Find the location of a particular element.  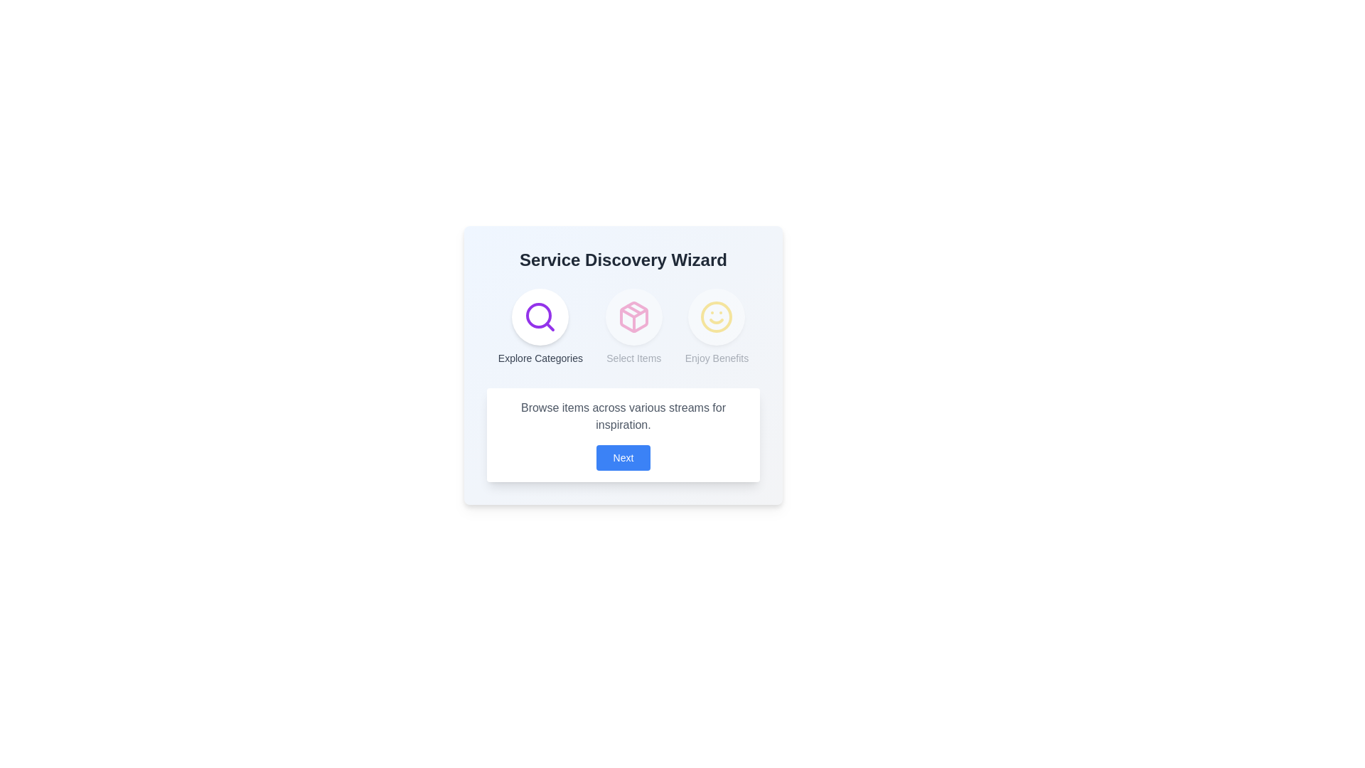

the step icon for Select Items is located at coordinates (633, 316).